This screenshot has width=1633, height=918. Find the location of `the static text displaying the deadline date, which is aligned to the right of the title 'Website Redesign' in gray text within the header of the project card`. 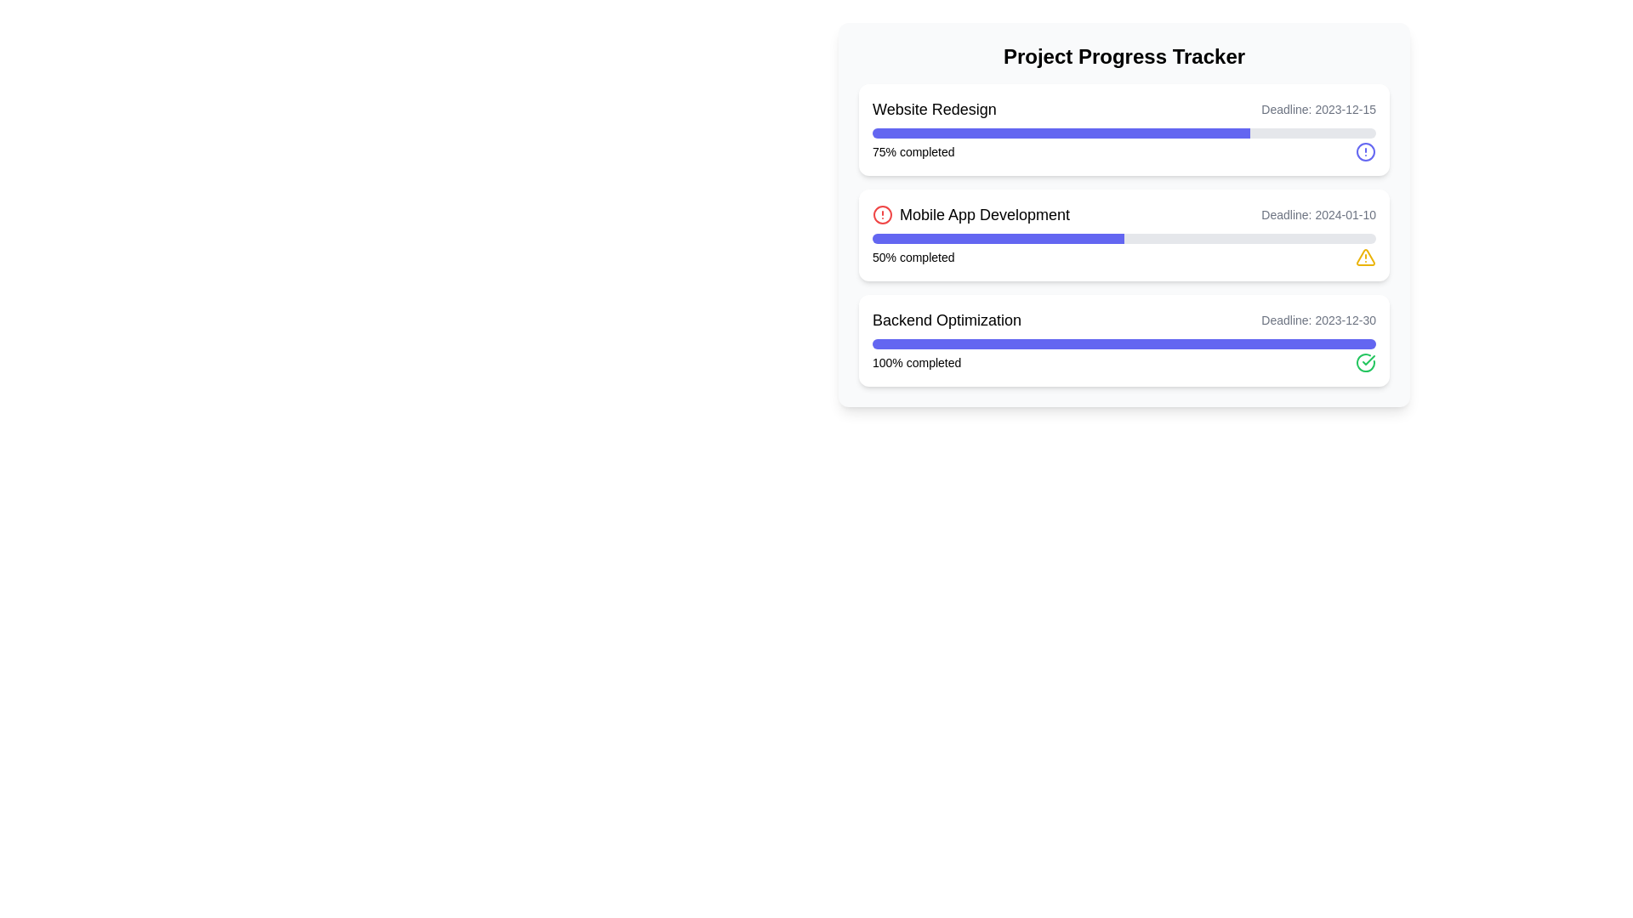

the static text displaying the deadline date, which is aligned to the right of the title 'Website Redesign' in gray text within the header of the project card is located at coordinates (1317, 109).